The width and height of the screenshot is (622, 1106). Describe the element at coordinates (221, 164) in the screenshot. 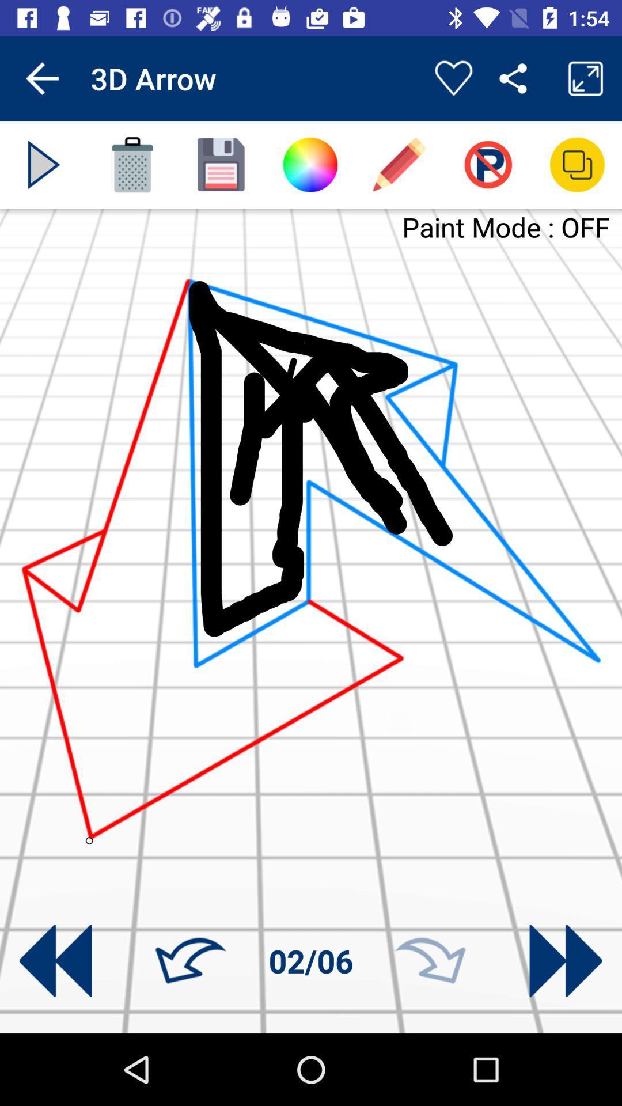

I see `app below 3d arrow icon` at that location.